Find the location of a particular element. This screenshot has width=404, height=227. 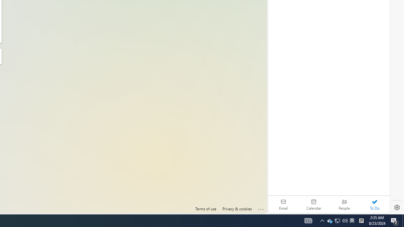

'To Do' is located at coordinates (374, 204).